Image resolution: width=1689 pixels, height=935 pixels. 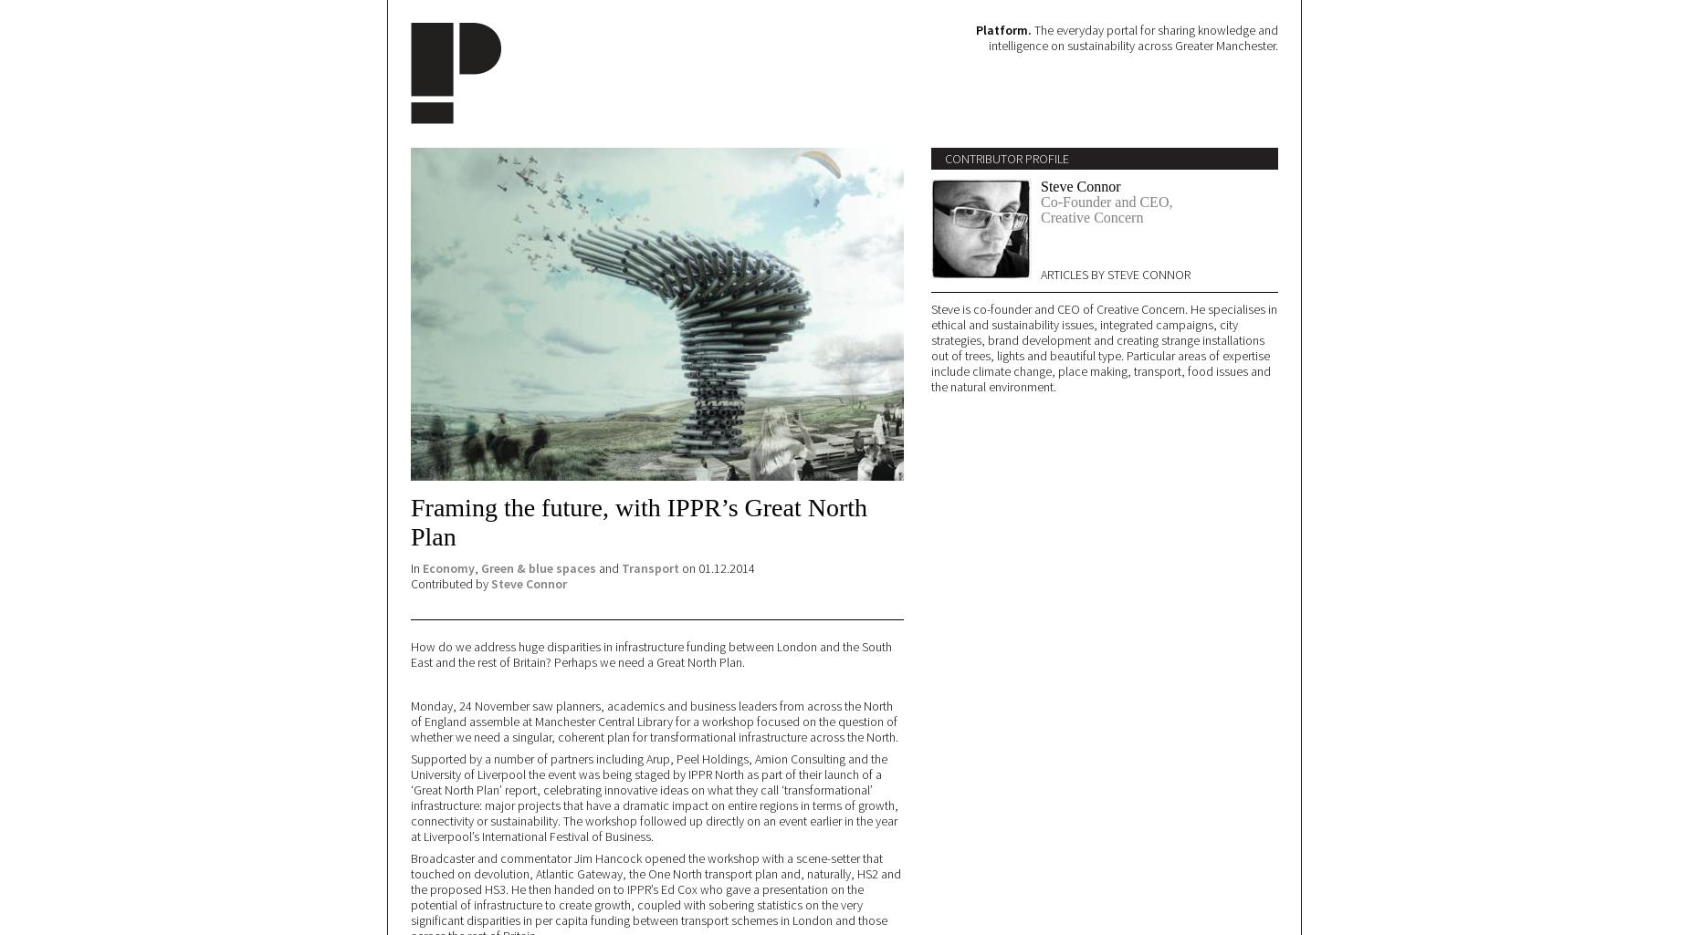 I want to click on 'Contributed by', so click(x=450, y=583).